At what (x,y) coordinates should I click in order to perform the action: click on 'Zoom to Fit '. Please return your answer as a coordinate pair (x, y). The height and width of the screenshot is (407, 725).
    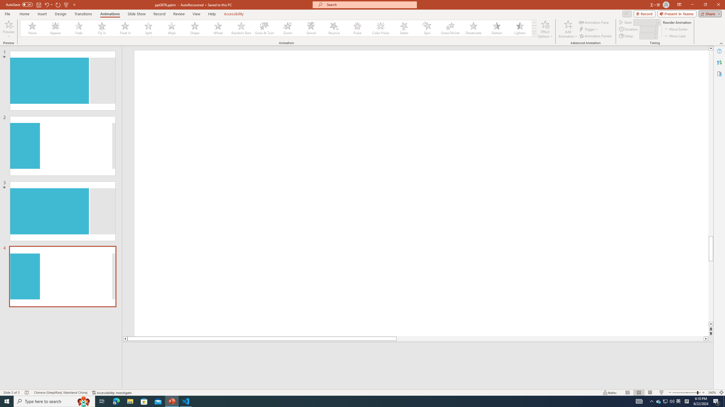
    Looking at the image, I should click on (721, 393).